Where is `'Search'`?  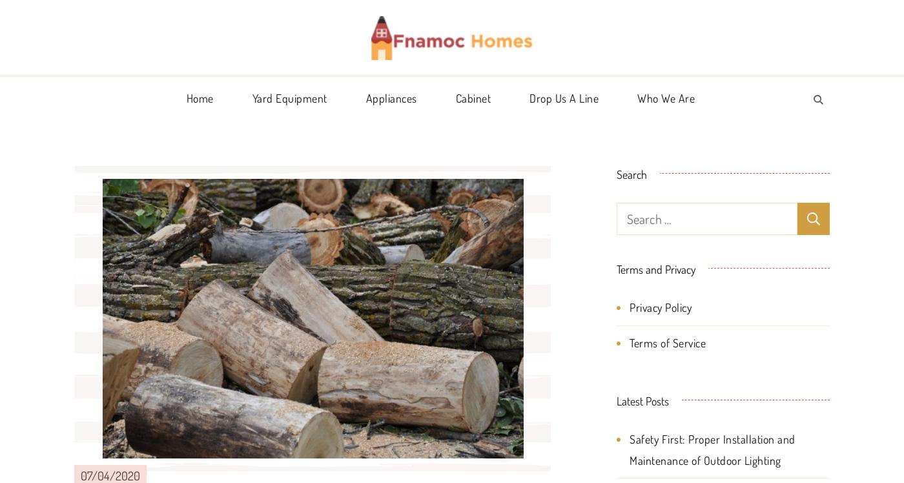
'Search' is located at coordinates (632, 174).